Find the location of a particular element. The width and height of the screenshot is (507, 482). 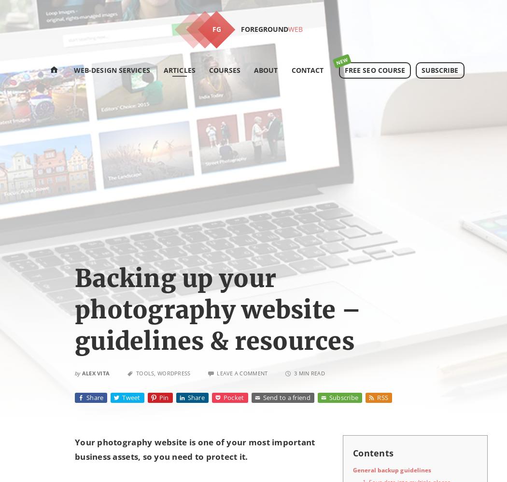

'tools' is located at coordinates (145, 372).